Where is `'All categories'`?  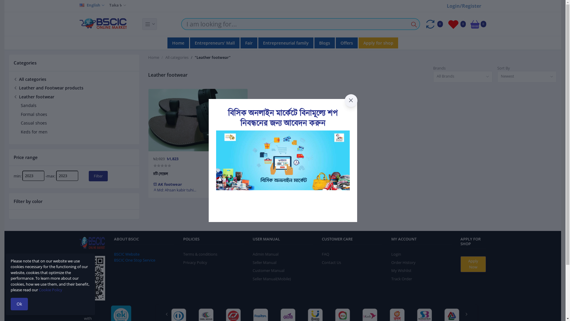
'All categories' is located at coordinates (176, 57).